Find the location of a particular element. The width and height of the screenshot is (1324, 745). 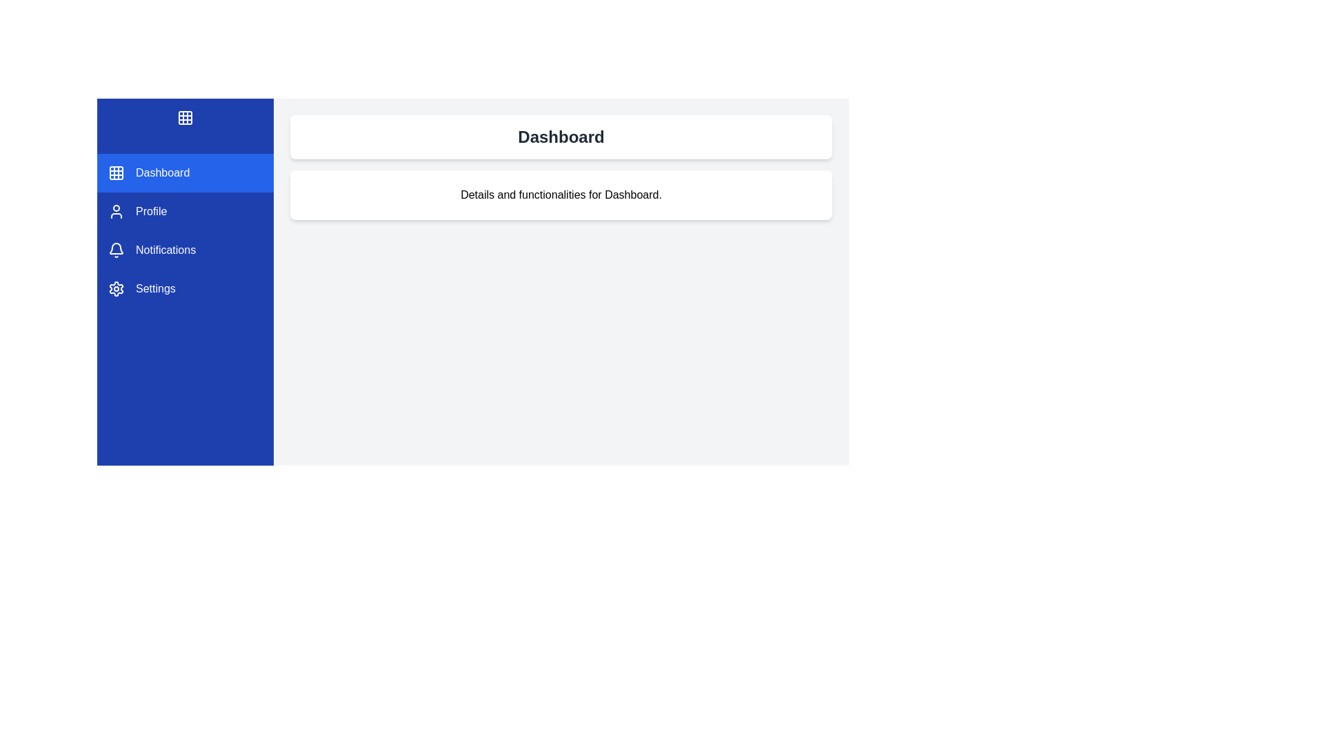

the 'Notifications' text label in the vertical navigation menu to interact with it, which is located between 'Profile' and 'Settings.' is located at coordinates (165, 250).